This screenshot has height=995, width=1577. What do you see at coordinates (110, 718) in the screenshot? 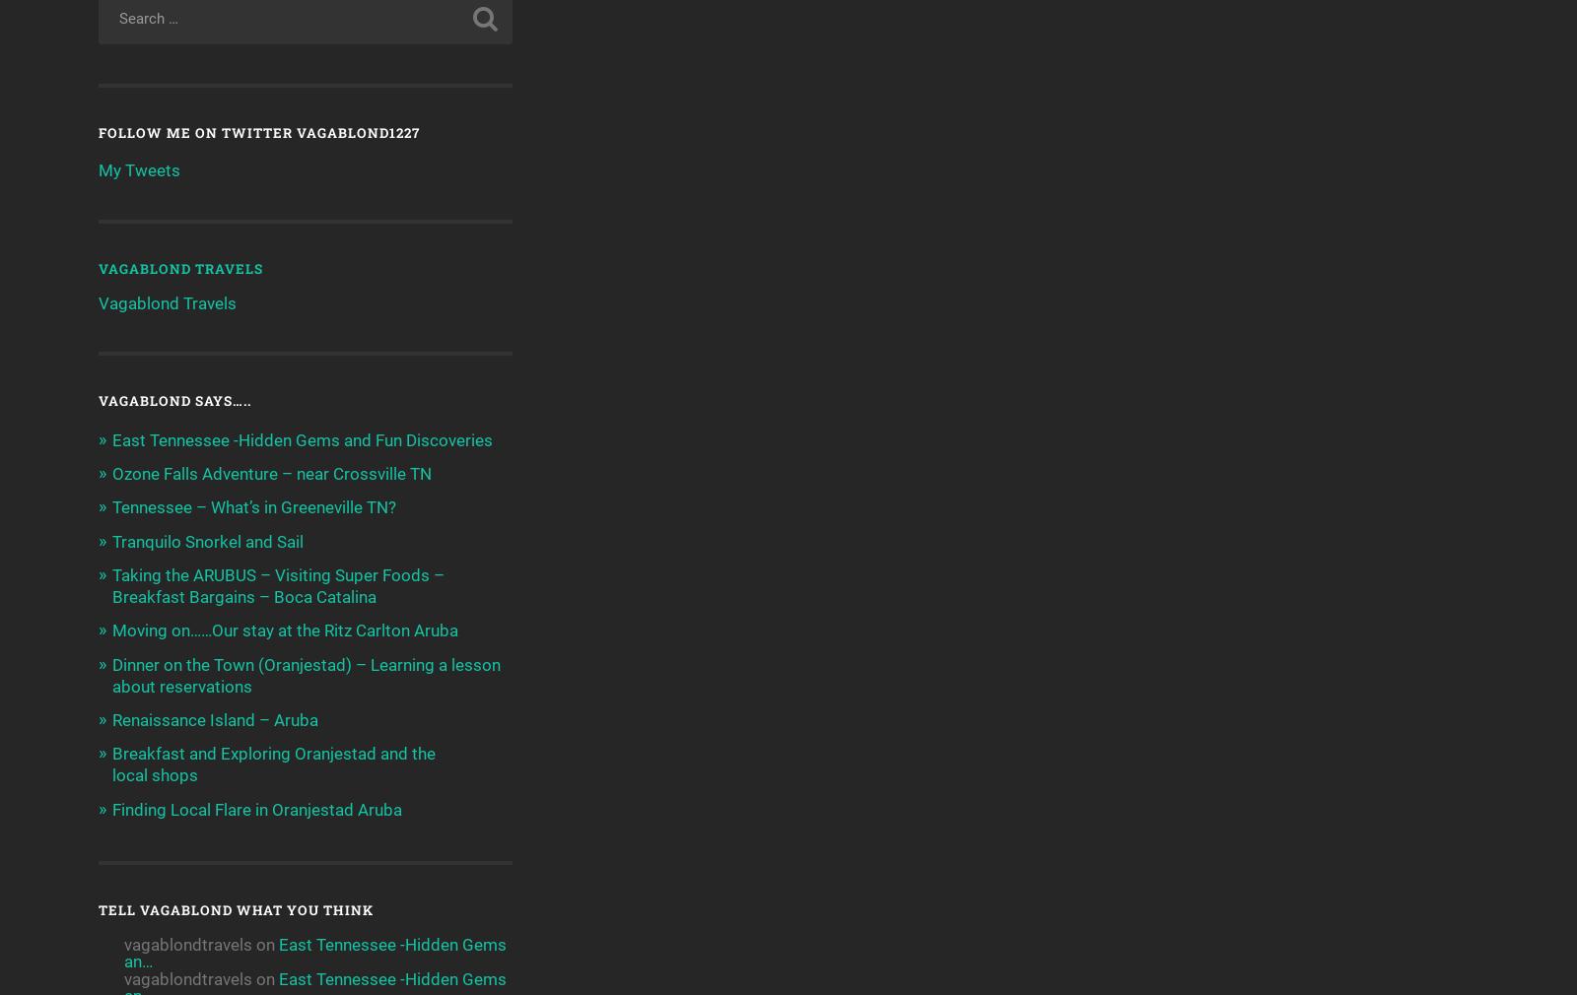
I see `'Renaissance Island – Aruba'` at bounding box center [110, 718].